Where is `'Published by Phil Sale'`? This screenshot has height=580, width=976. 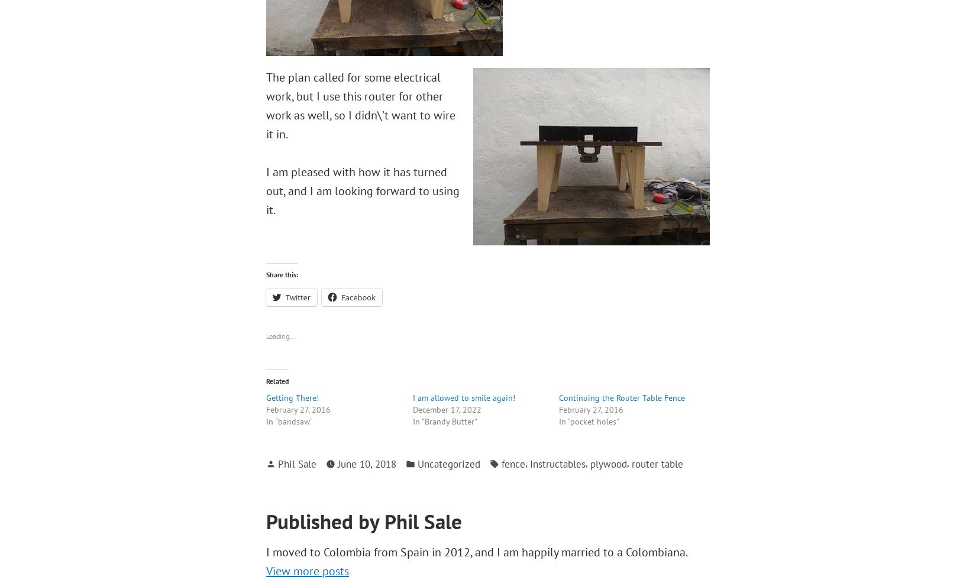 'Published by Phil Sale' is located at coordinates (363, 521).